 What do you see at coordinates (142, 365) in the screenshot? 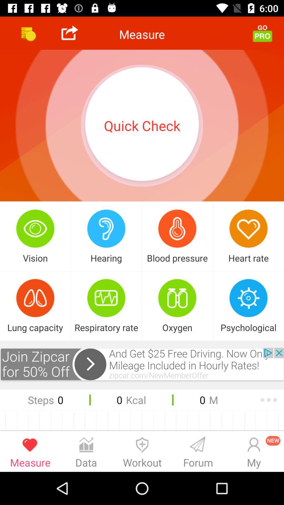
I see `advertisement banner` at bounding box center [142, 365].